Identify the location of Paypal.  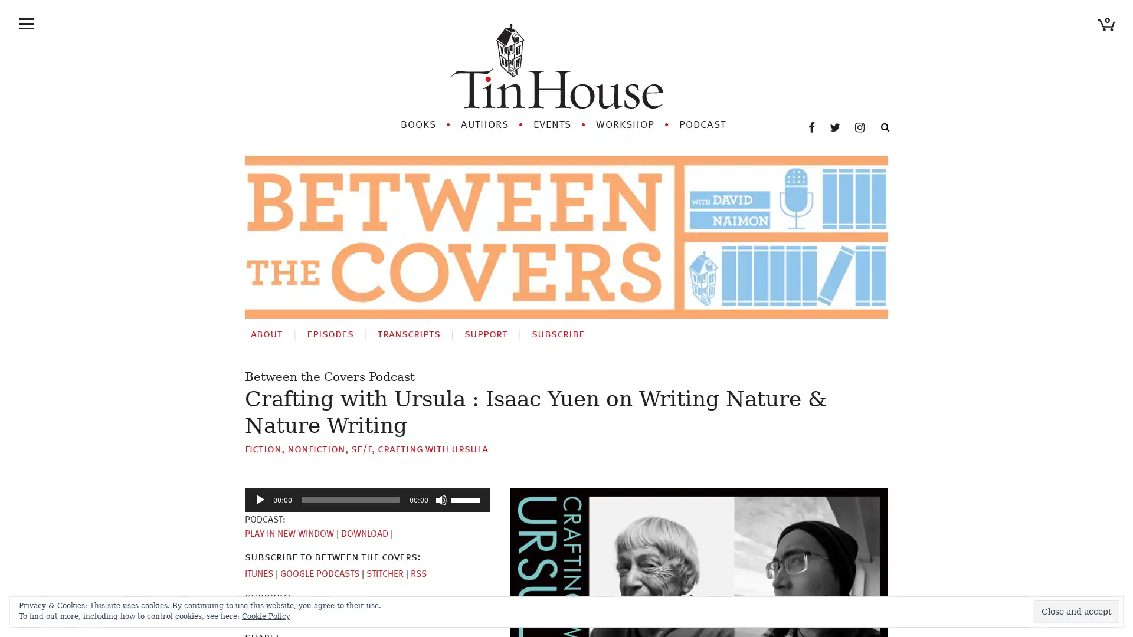
(302, 613).